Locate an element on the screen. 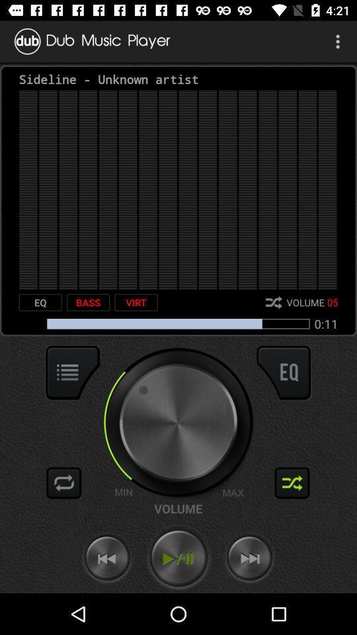  bass  item is located at coordinates (88, 302).